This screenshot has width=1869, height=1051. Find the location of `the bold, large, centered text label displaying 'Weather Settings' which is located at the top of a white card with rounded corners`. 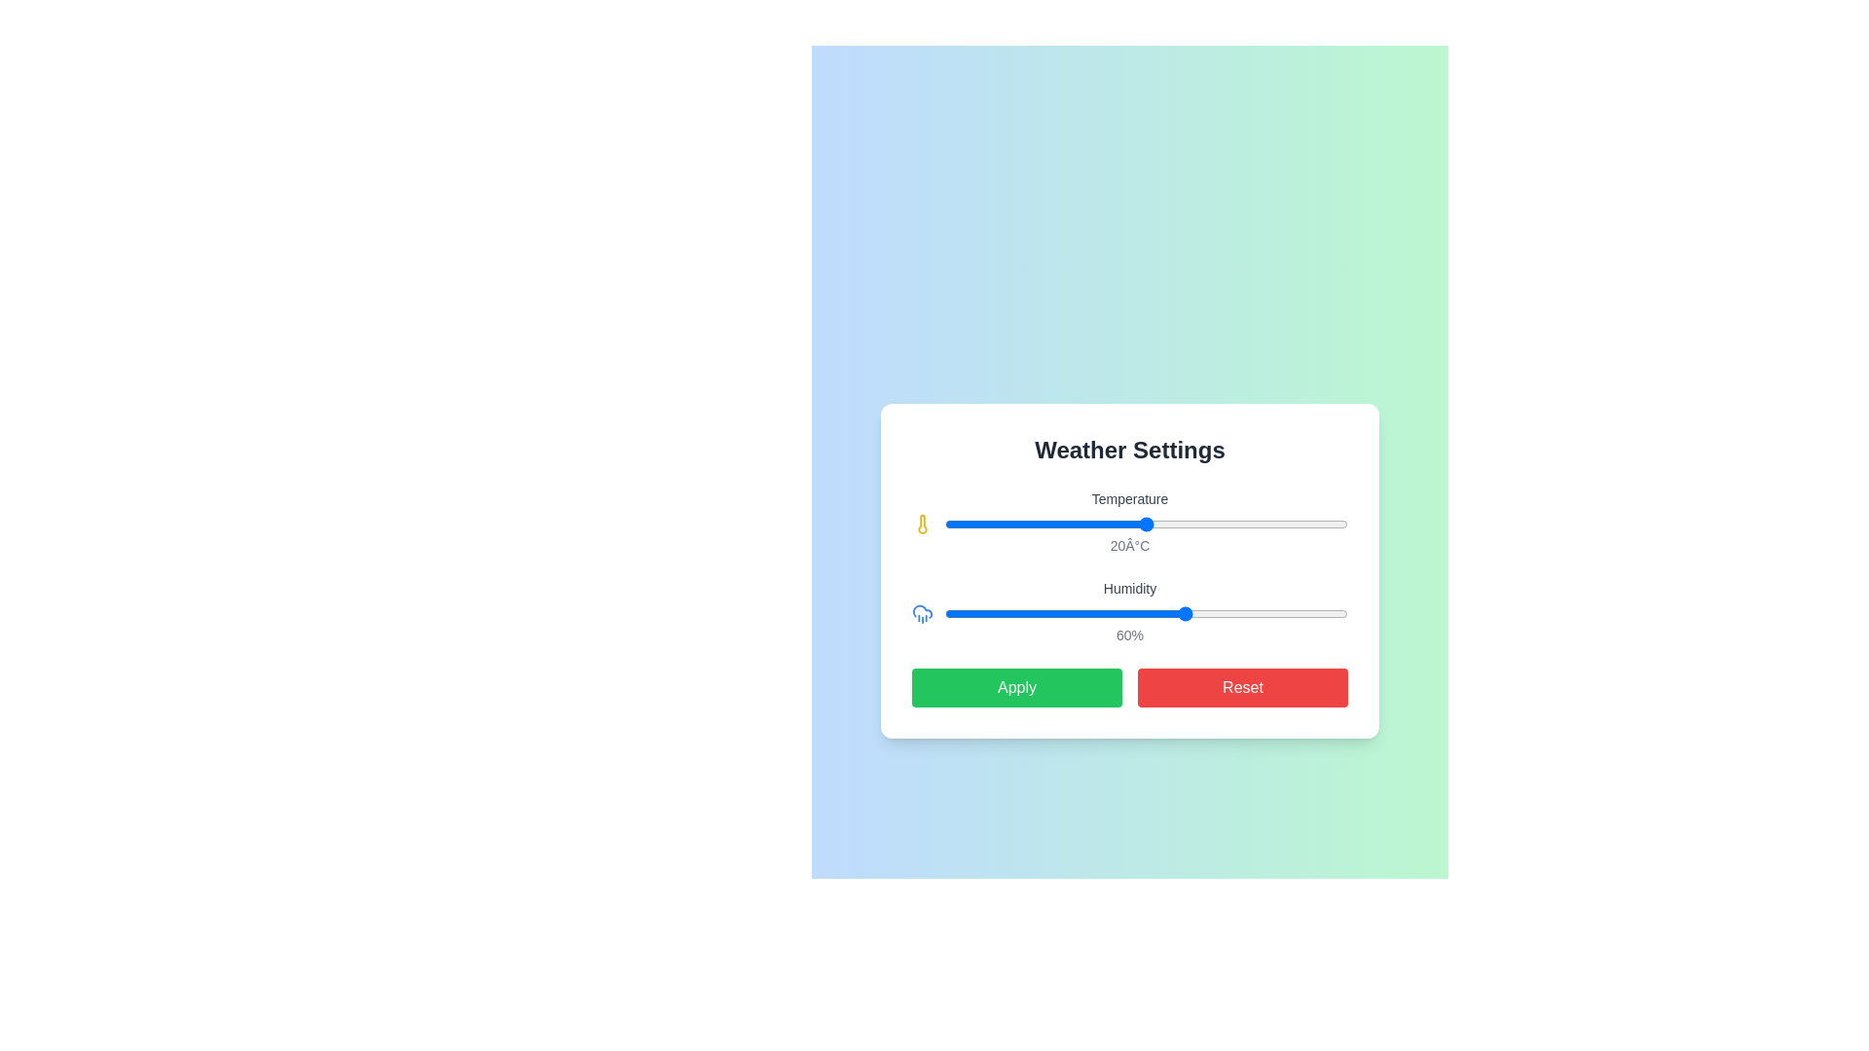

the bold, large, centered text label displaying 'Weather Settings' which is located at the top of a white card with rounded corners is located at coordinates (1130, 450).